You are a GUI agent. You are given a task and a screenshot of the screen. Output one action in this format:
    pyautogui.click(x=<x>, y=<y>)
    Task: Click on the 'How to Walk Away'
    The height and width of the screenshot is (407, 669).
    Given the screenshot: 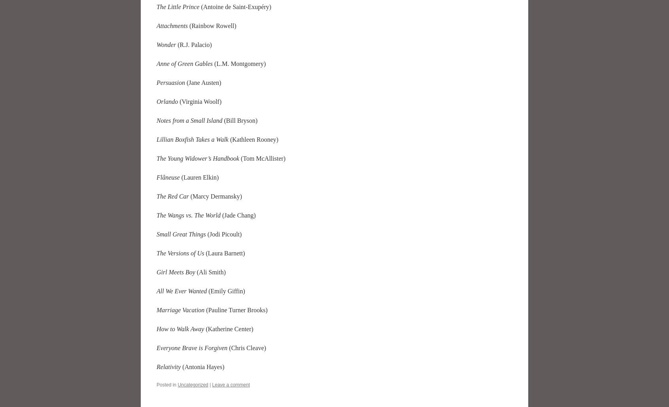 What is the action you would take?
    pyautogui.click(x=181, y=328)
    